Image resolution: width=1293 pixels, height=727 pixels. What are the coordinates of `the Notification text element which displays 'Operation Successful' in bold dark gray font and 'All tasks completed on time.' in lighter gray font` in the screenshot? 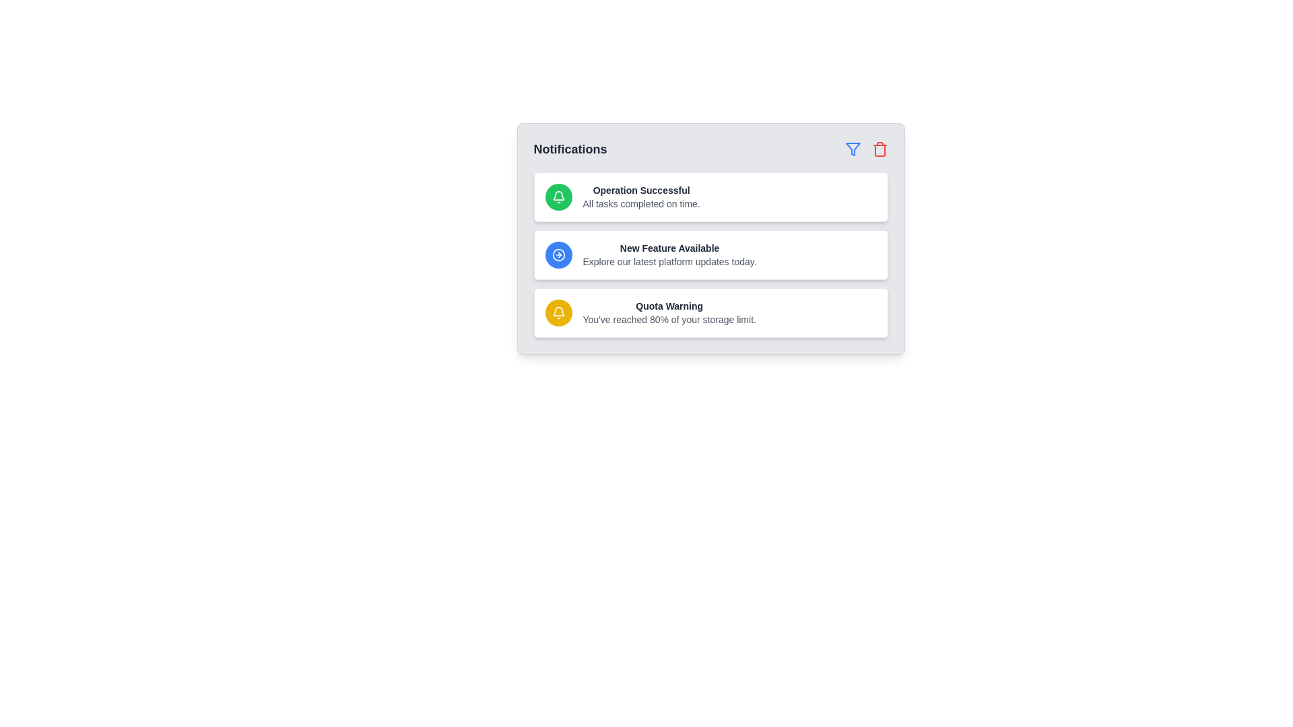 It's located at (640, 197).